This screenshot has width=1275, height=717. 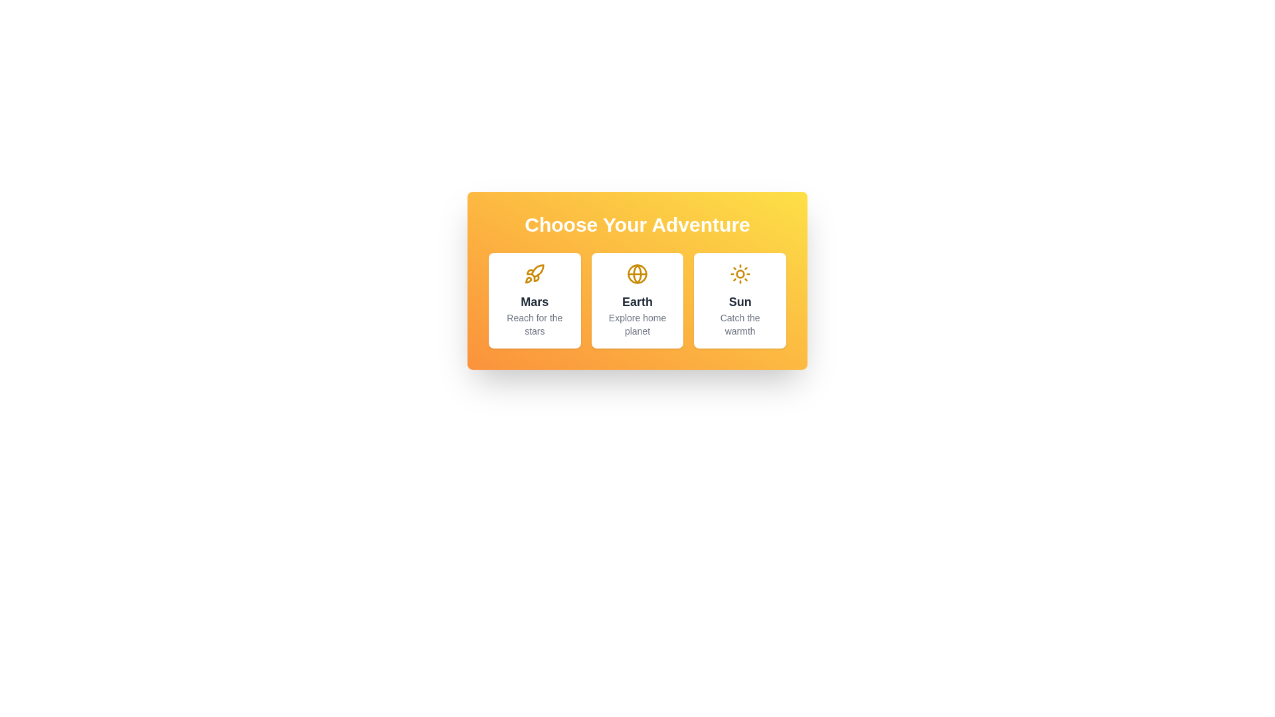 I want to click on the destination card for Mars, so click(x=535, y=300).